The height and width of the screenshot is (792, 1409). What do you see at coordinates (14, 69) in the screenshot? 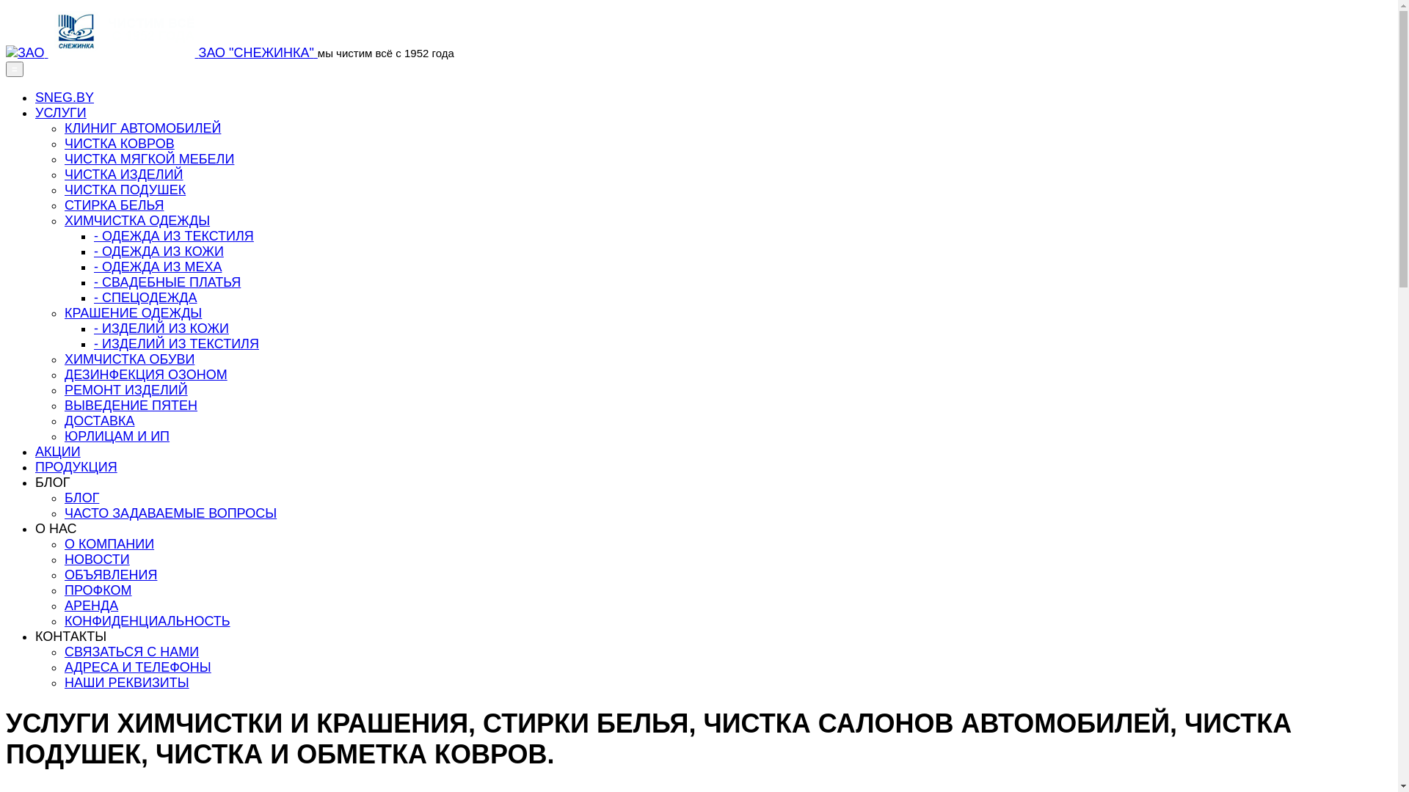
I see `'='` at bounding box center [14, 69].